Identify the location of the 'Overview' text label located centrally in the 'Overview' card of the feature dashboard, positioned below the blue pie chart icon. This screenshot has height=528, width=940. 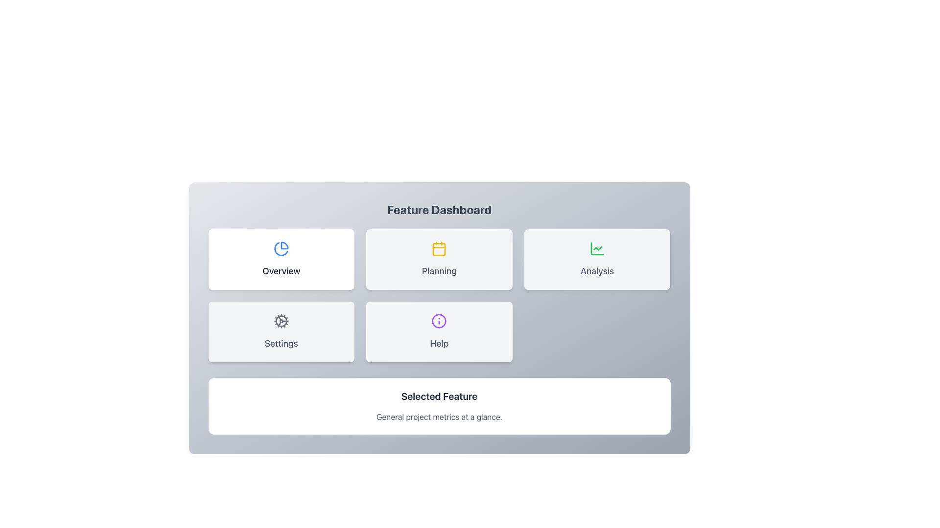
(281, 271).